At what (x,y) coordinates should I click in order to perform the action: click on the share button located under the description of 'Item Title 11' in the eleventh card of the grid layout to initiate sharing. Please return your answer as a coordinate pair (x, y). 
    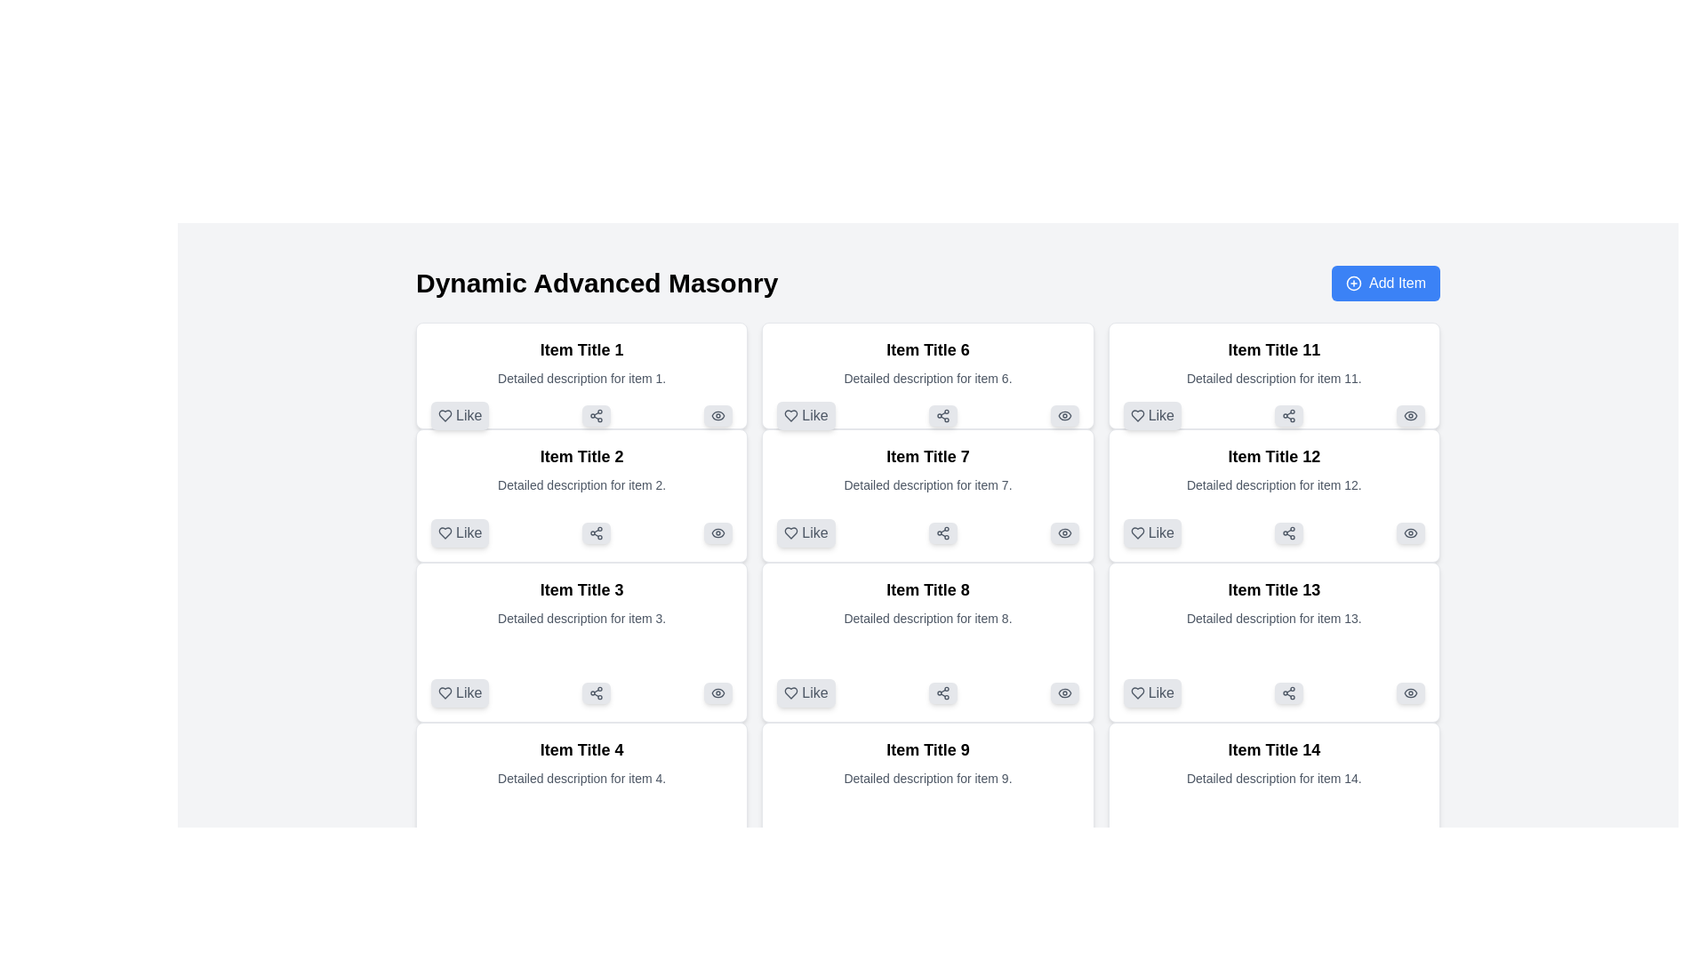
    Looking at the image, I should click on (1273, 415).